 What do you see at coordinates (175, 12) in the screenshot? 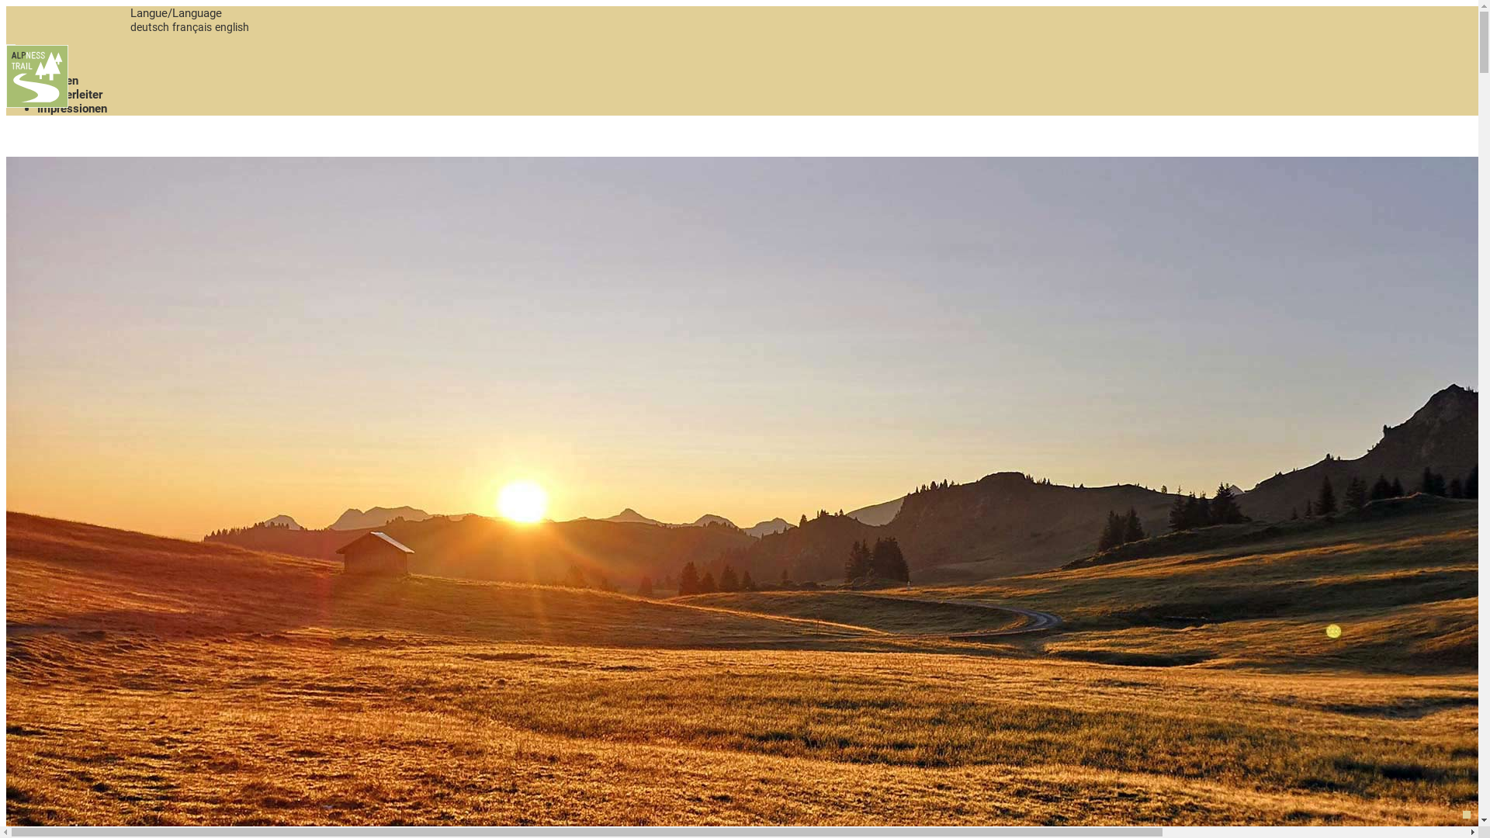
I see `'Langue/Language'` at bounding box center [175, 12].